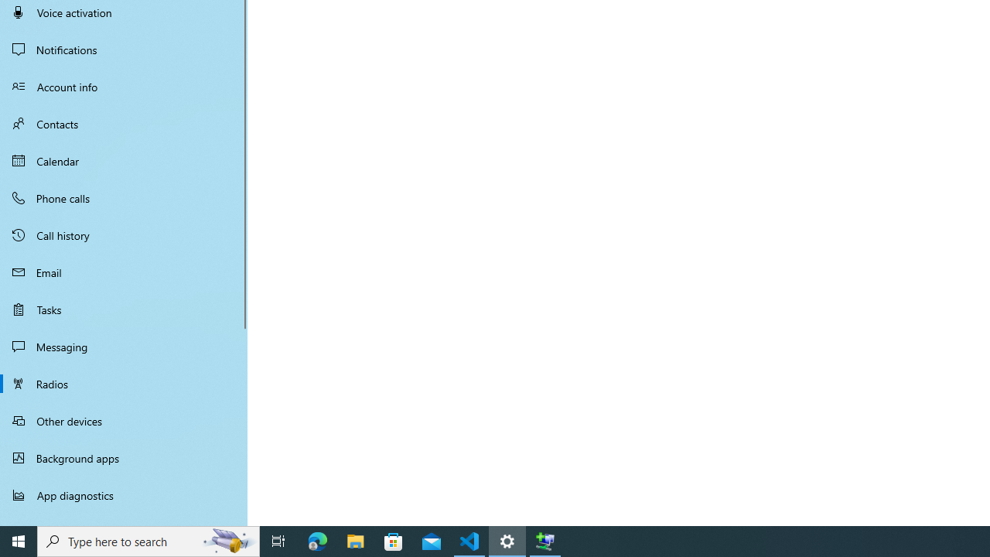  What do you see at coordinates (355, 540) in the screenshot?
I see `'File Explorer'` at bounding box center [355, 540].